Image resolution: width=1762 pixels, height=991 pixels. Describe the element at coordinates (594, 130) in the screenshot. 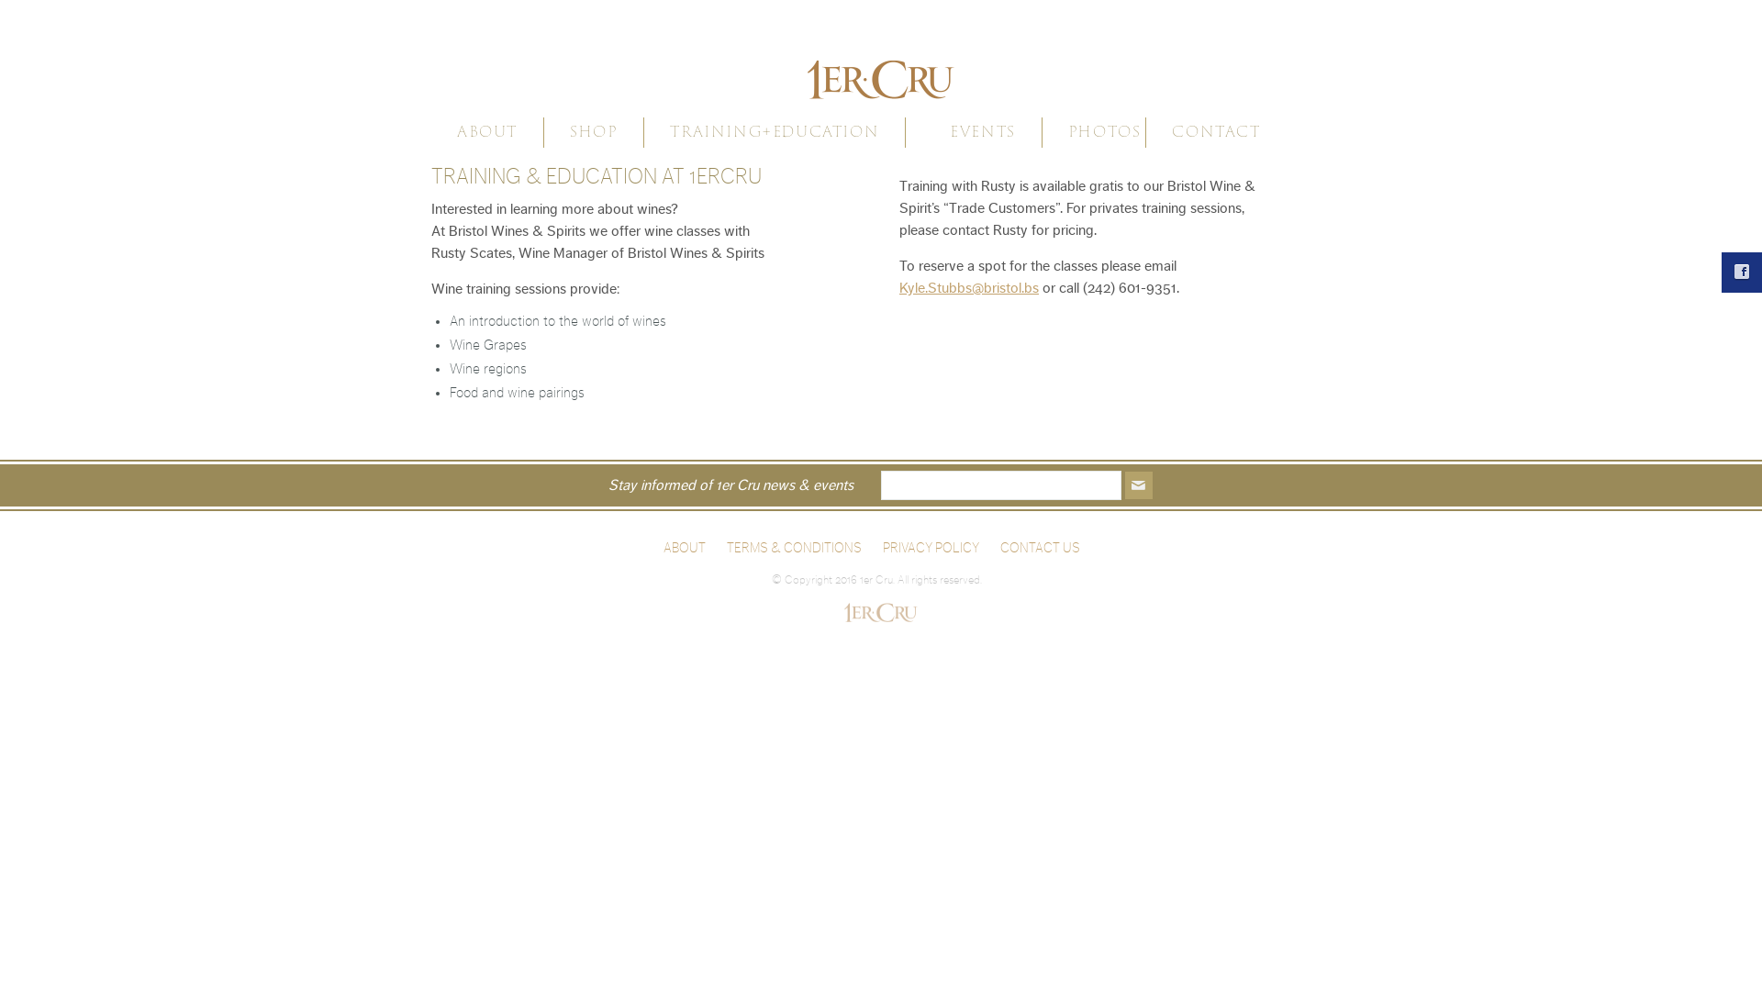

I see `'SHOP'` at that location.